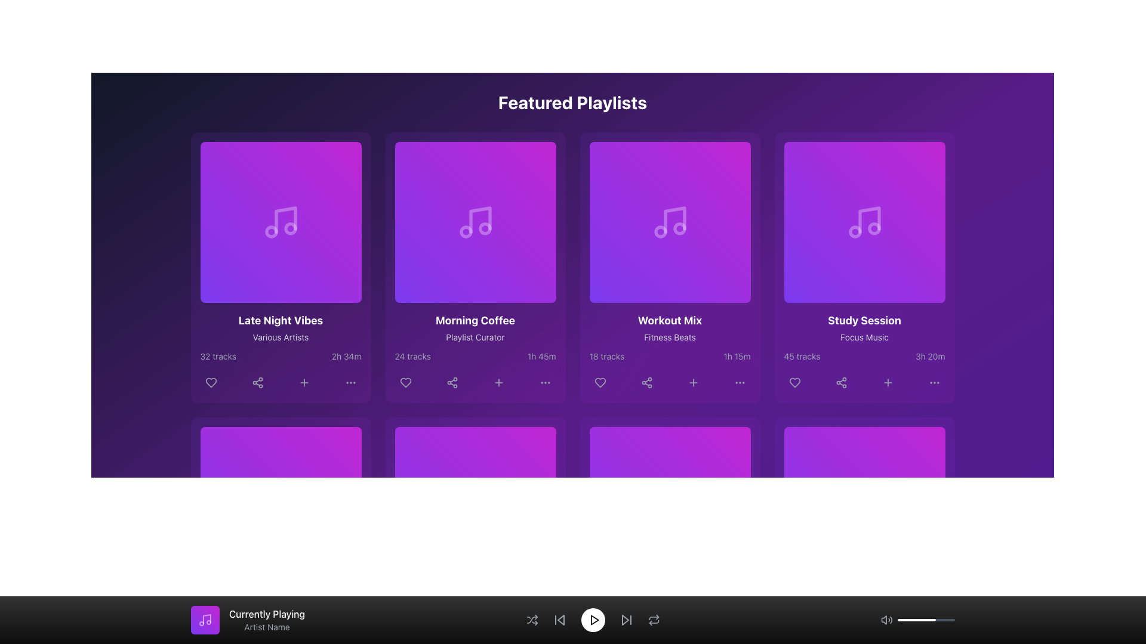  I want to click on the play button icon located in the 'Study Session' playlist card, which is in the fourth column of the first row of the 'Featured Playlists' grid, so click(865, 222).